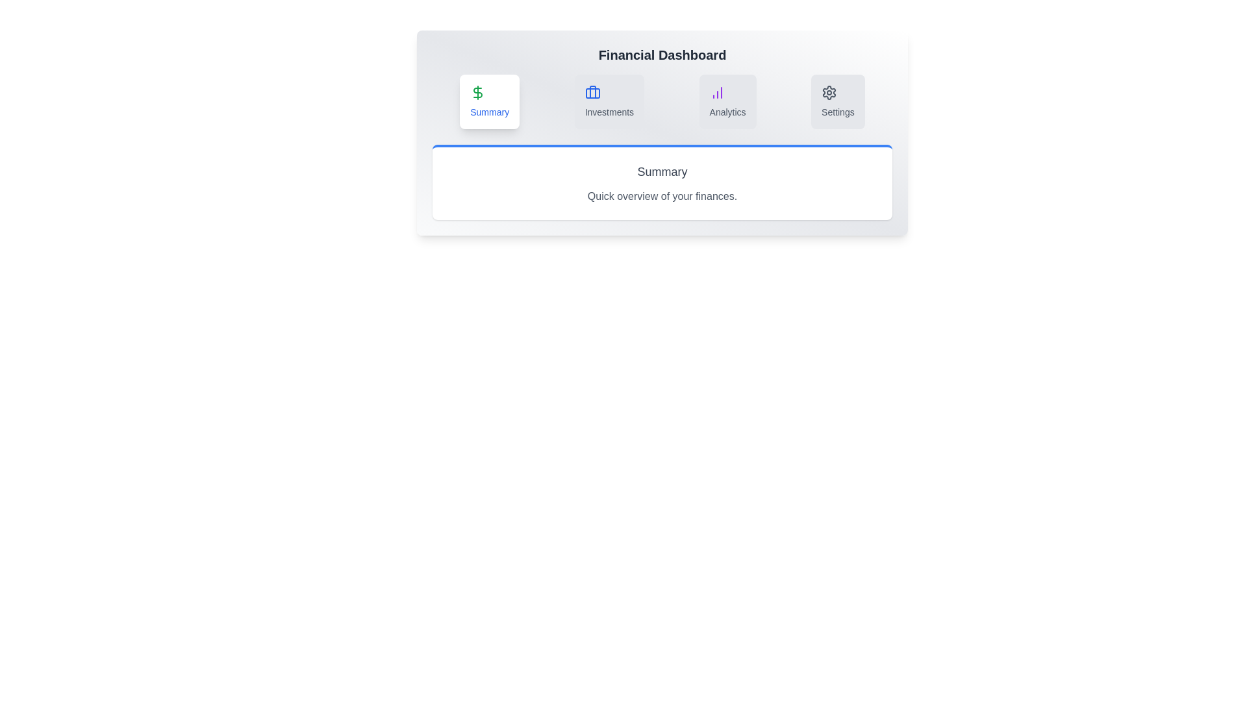 The height and width of the screenshot is (701, 1247). I want to click on the tab with the label Investments, so click(609, 101).